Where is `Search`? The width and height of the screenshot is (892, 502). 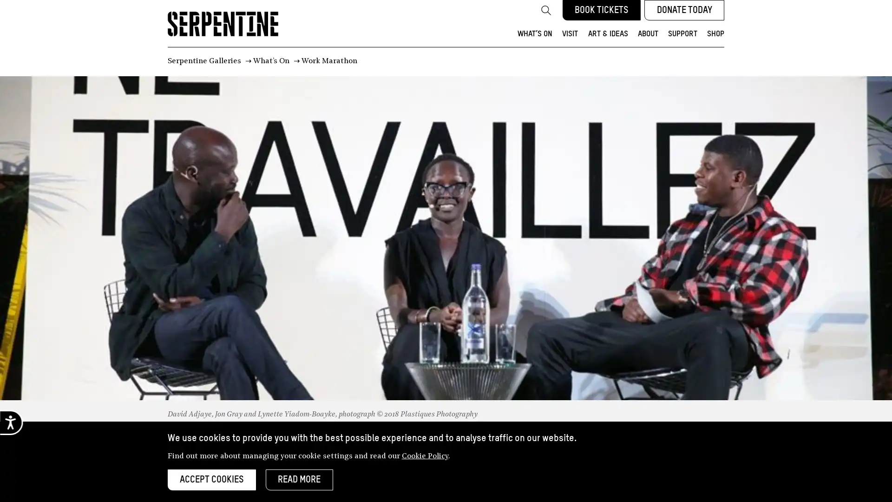 Search is located at coordinates (545, 10).